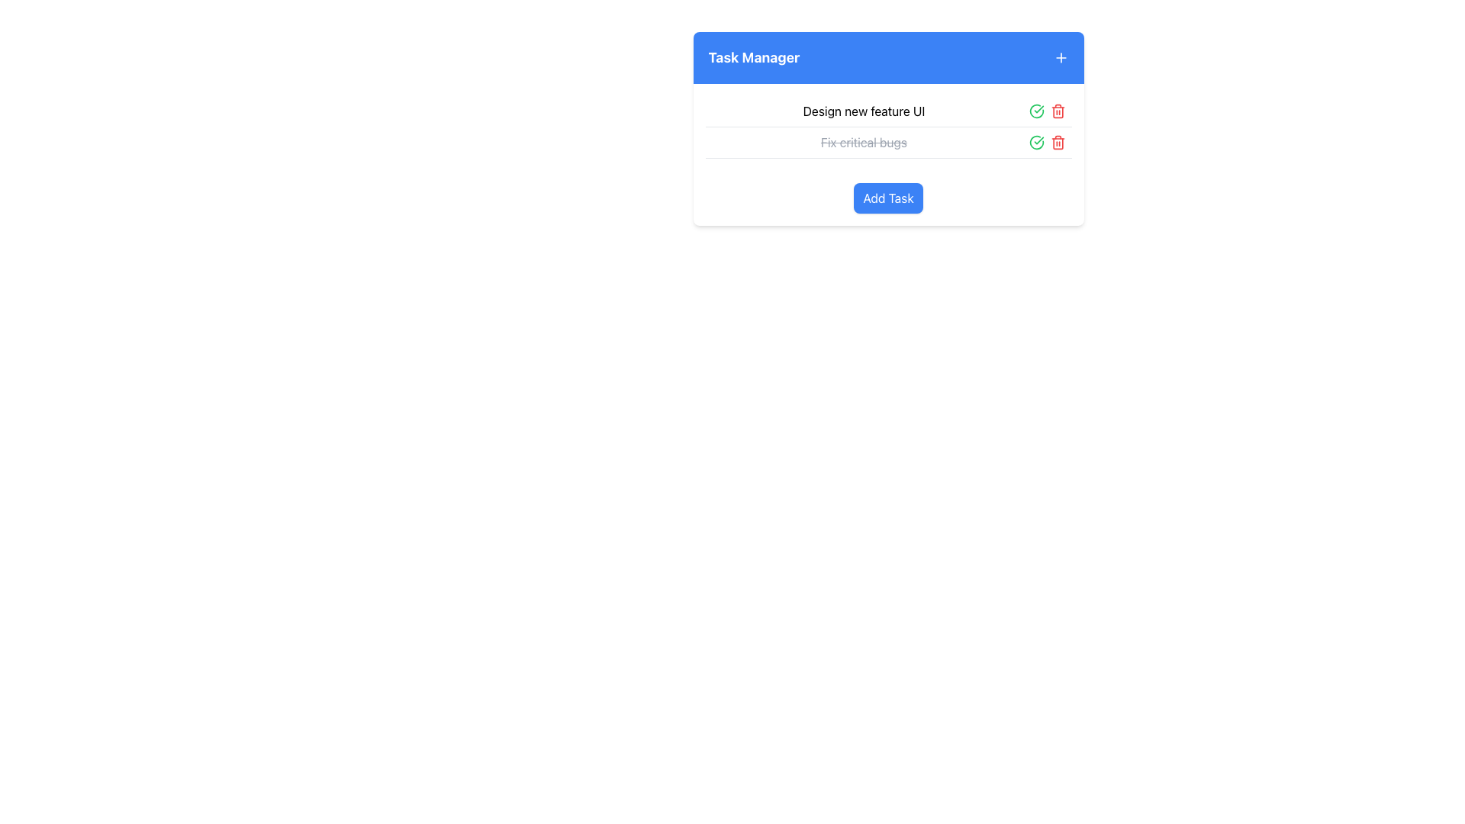 The image size is (1465, 824). What do you see at coordinates (1046, 111) in the screenshot?
I see `the green checkmark icon in the horizontal group of icon-based buttons to mark the task 'Design new feature UI' as complete` at bounding box center [1046, 111].